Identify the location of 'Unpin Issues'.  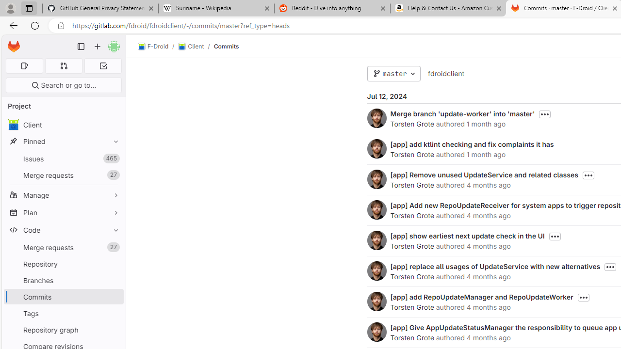
(114, 158).